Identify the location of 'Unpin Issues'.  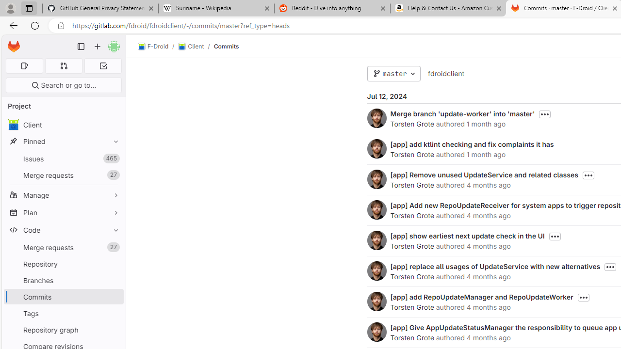
(114, 158).